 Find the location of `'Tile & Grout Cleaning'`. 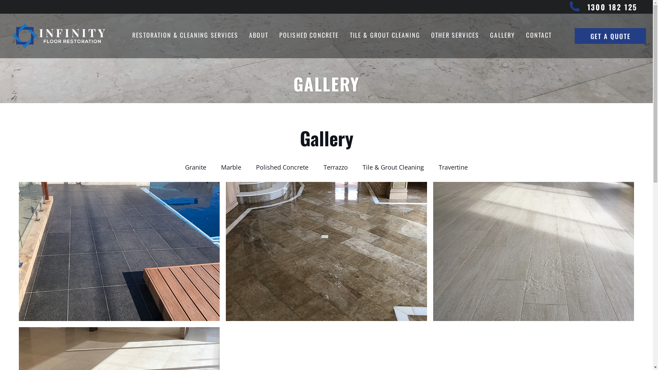

'Tile & Grout Cleaning' is located at coordinates (393, 167).